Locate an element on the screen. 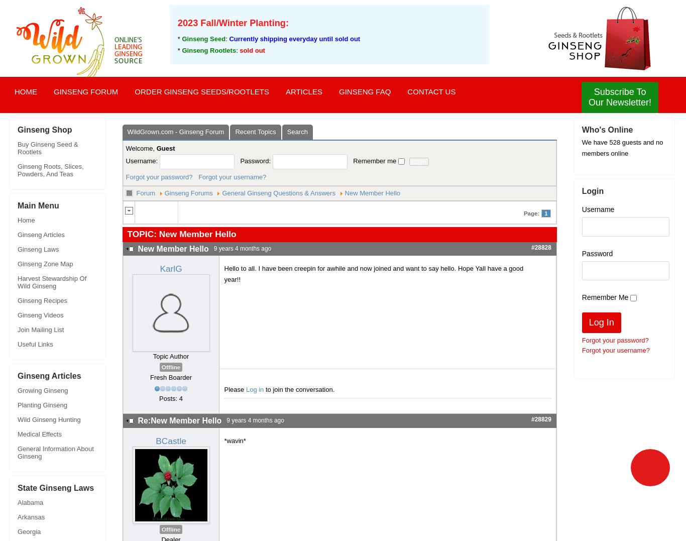  'Ginseng Forum' is located at coordinates (85, 91).